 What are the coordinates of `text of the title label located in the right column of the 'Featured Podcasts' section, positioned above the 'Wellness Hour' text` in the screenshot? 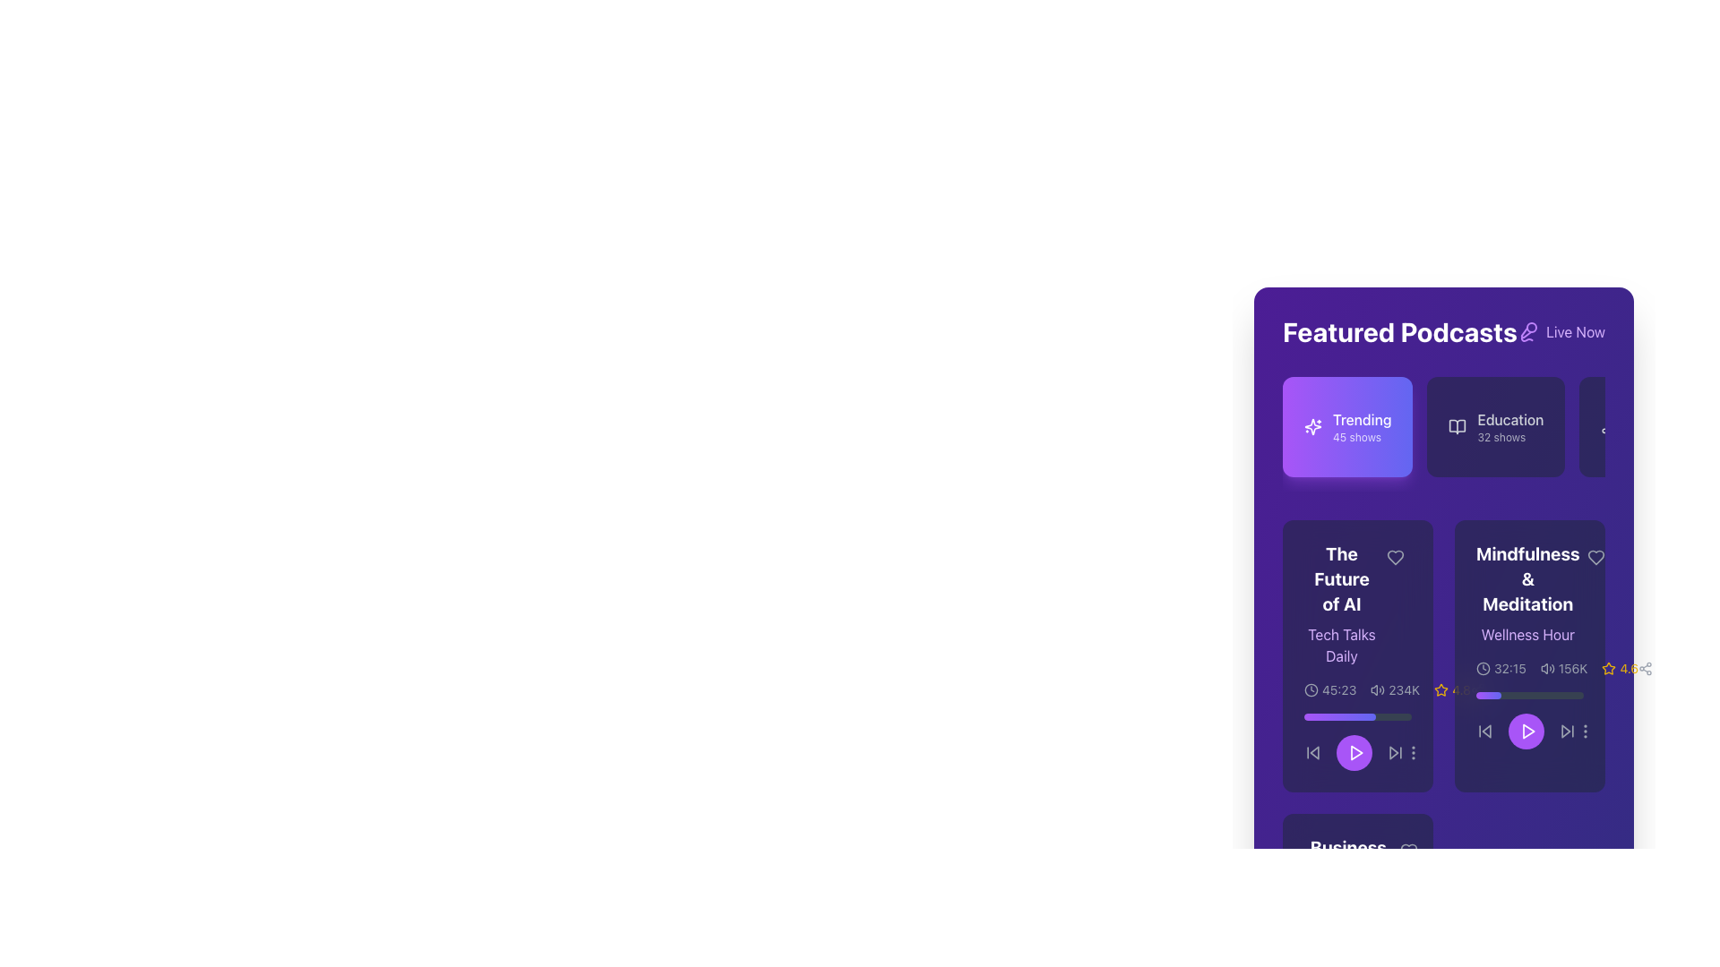 It's located at (1526, 579).